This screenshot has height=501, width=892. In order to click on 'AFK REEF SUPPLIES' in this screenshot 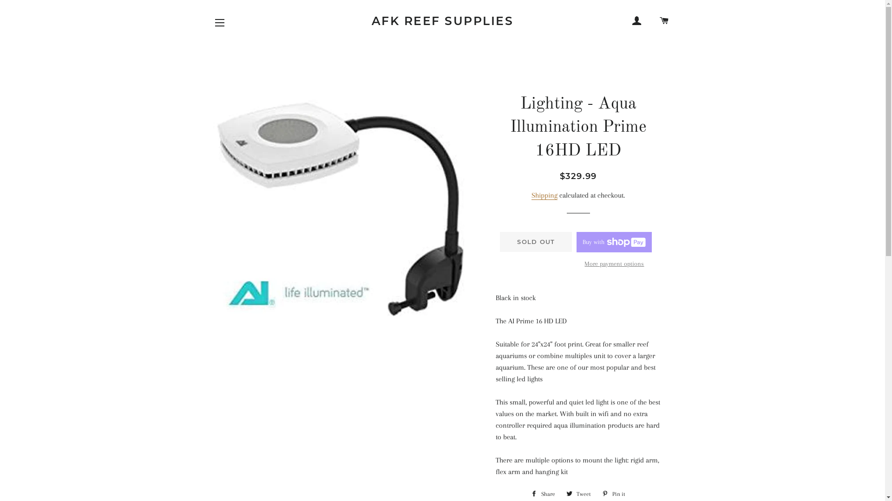, I will do `click(441, 21)`.